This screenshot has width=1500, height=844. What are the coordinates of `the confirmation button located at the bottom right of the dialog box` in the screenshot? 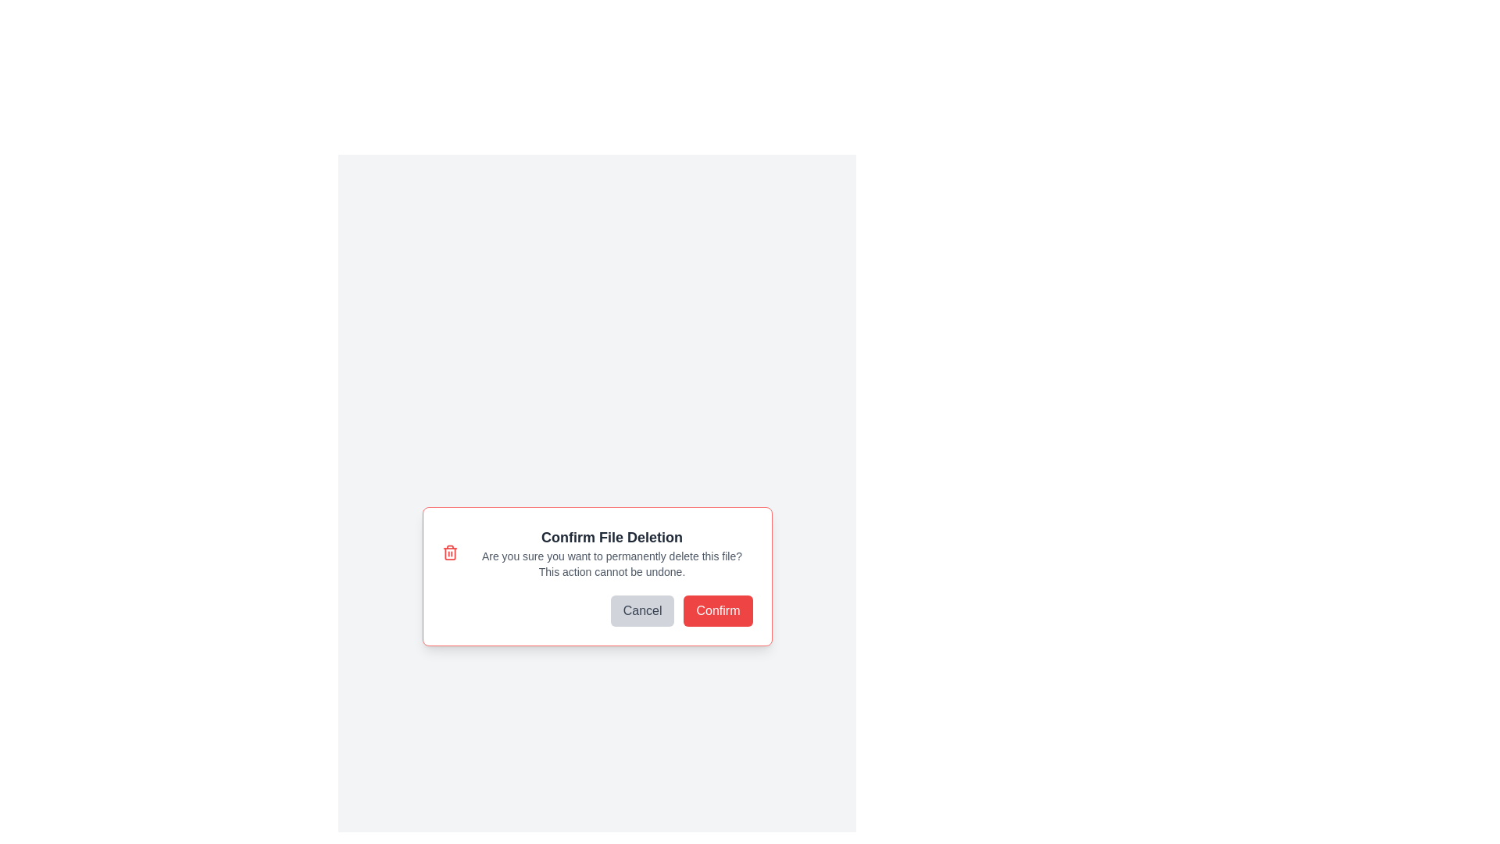 It's located at (717, 610).